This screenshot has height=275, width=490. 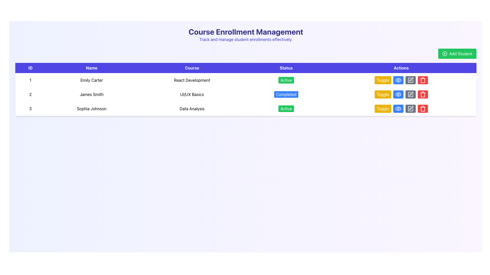 I want to click on the display-only label indicating the name of an individual located in the second column of the first row under the 'Name' header, so click(x=92, y=80).